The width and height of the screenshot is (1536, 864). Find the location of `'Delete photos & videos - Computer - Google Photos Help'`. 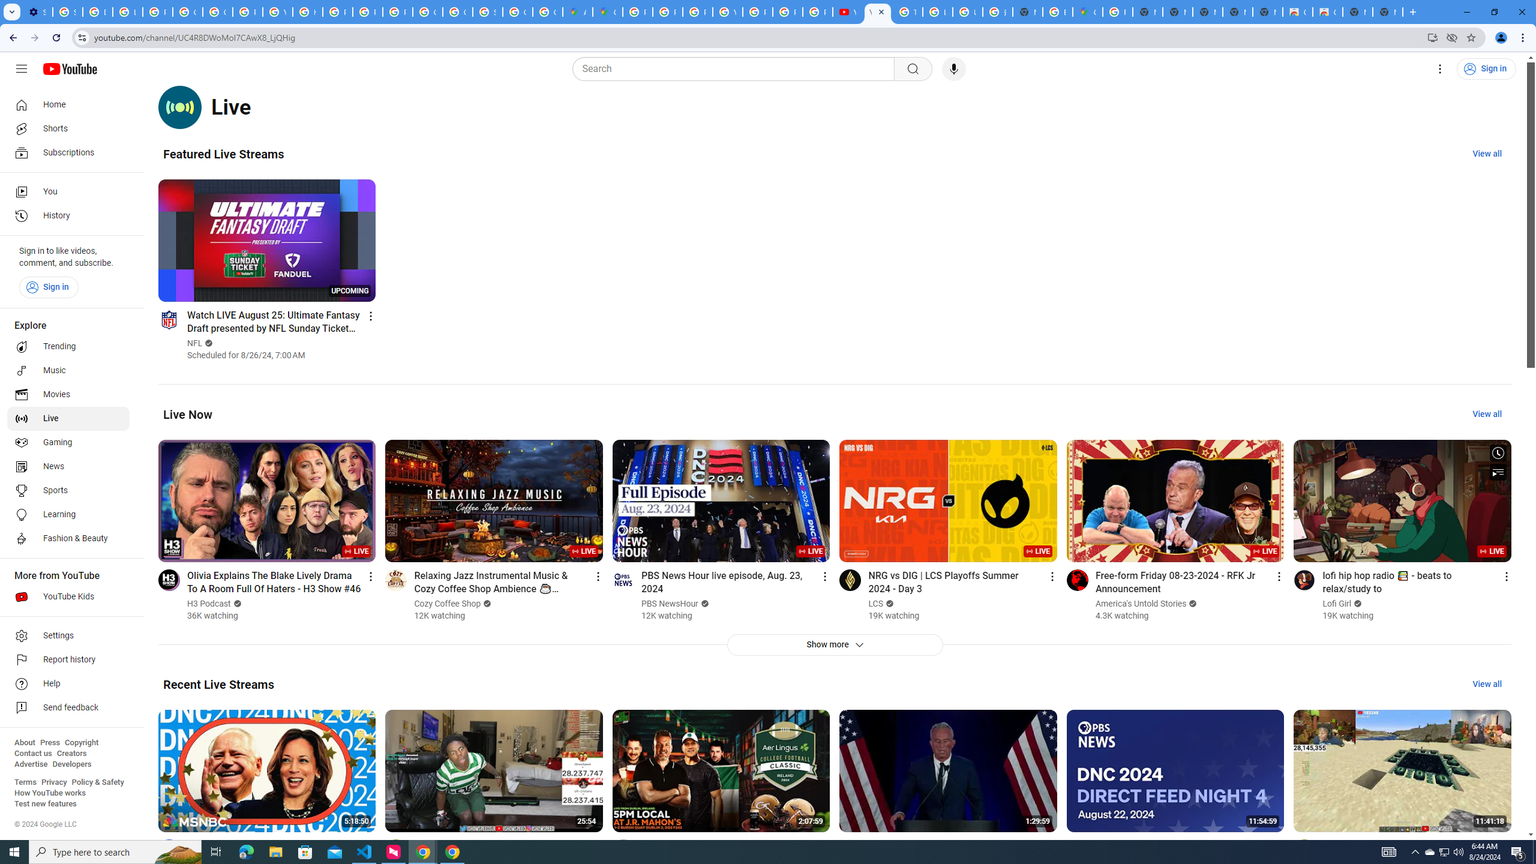

'Delete photos & videos - Computer - Google Photos Help' is located at coordinates (97, 11).